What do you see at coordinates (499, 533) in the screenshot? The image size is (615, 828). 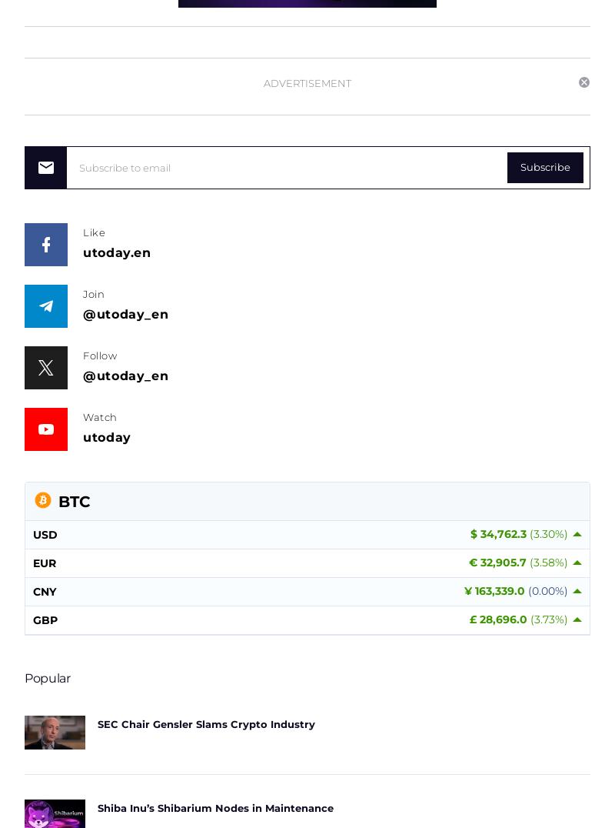 I see `'$ 34,762.3'` at bounding box center [499, 533].